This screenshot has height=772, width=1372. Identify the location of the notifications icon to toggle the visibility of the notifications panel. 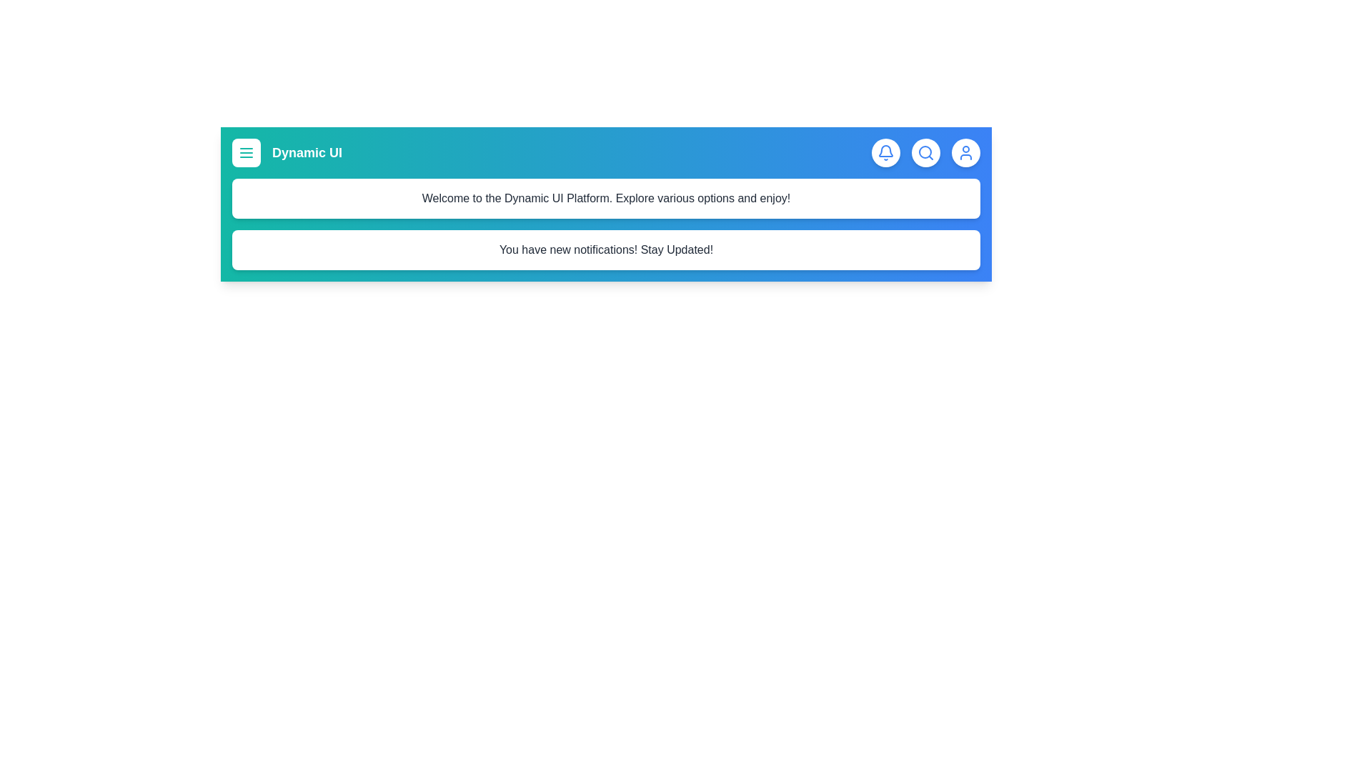
(885, 152).